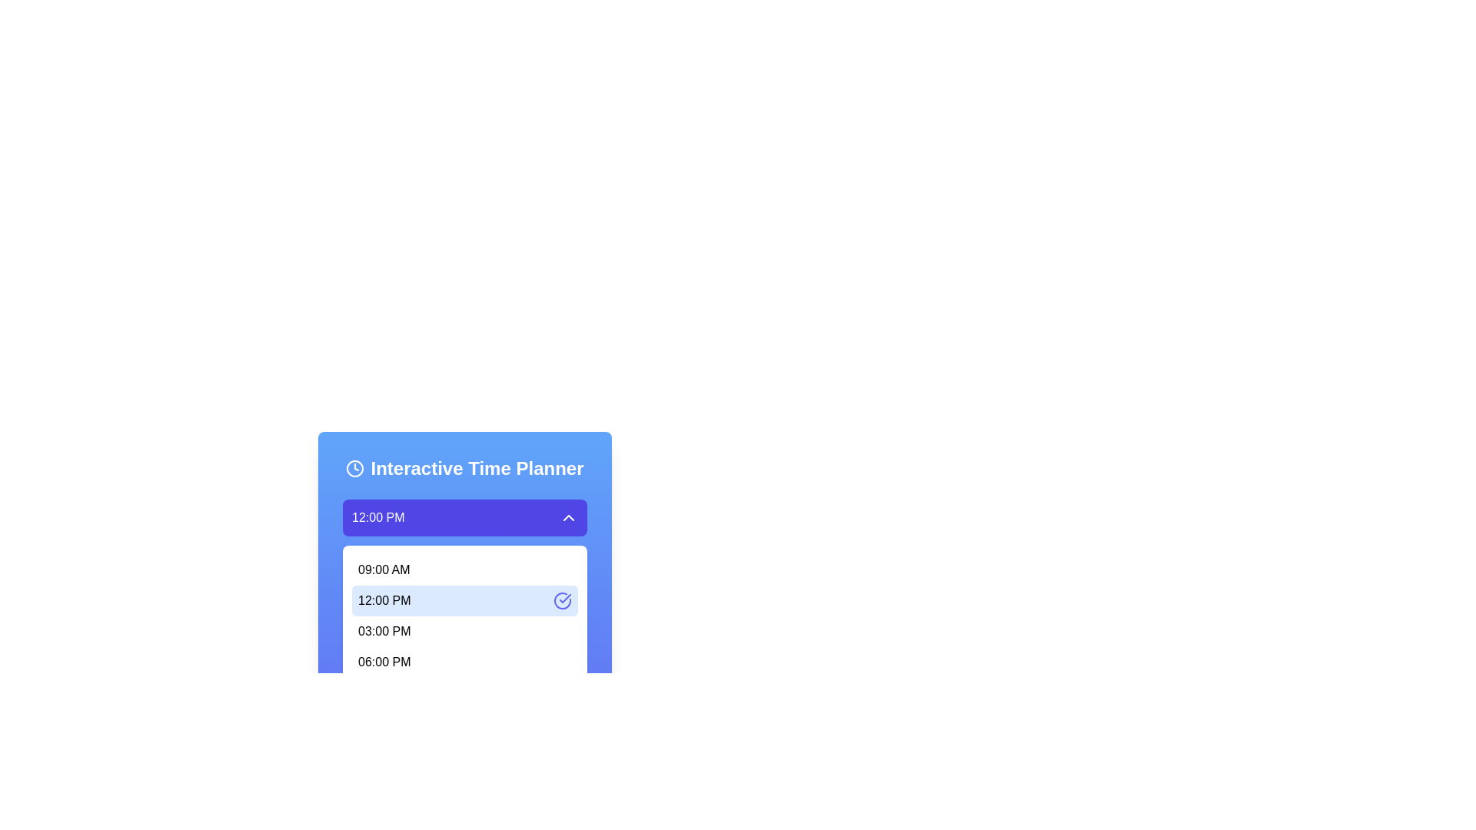 The image size is (1476, 830). Describe the element at coordinates (384, 661) in the screenshot. I see `the last text label in the dropdown menu that displays an available time option for interaction feedback` at that location.